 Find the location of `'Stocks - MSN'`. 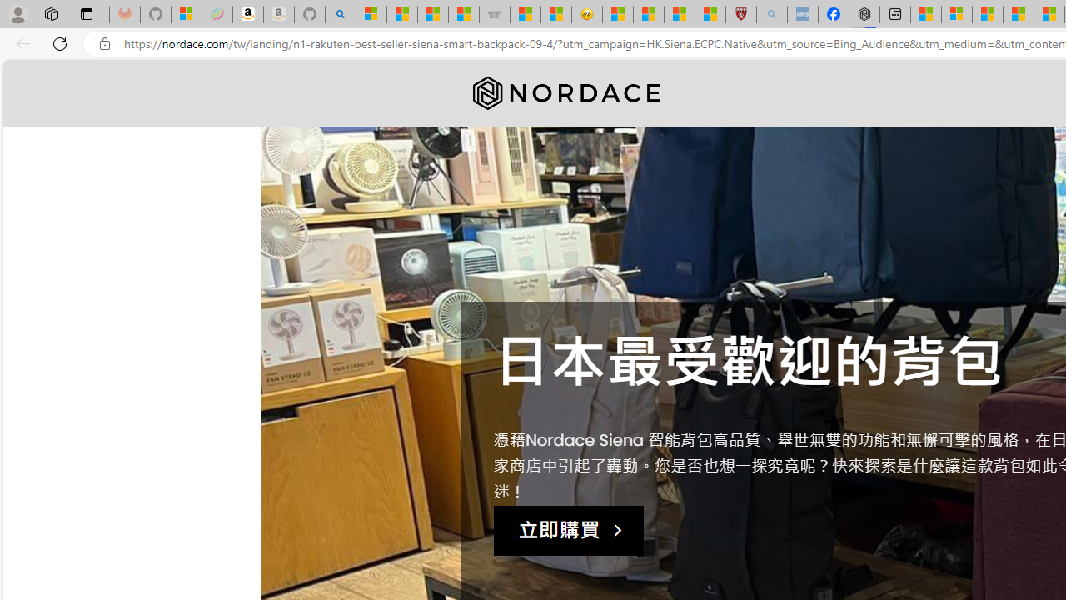

'Stocks - MSN' is located at coordinates (463, 14).